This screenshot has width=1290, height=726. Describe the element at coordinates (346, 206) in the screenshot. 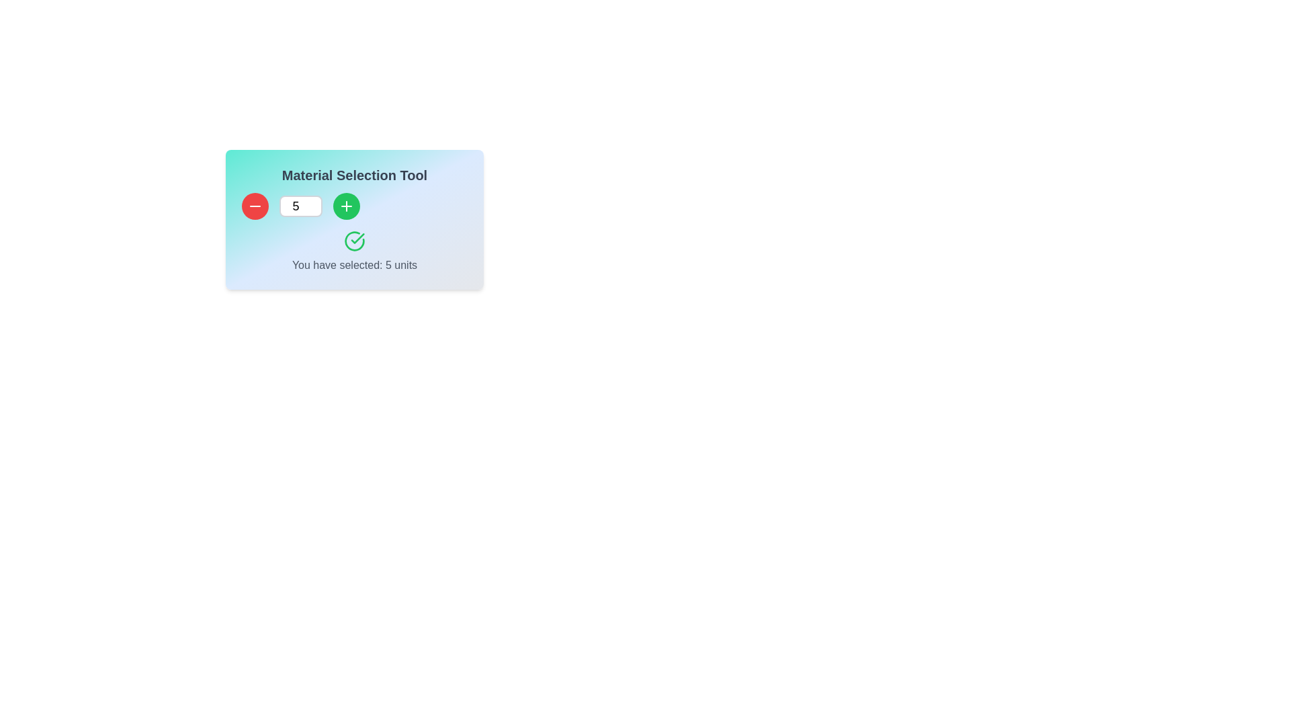

I see `the increment button located to the immediate right of the numeric input field to increase the displayed value by one unit` at that location.